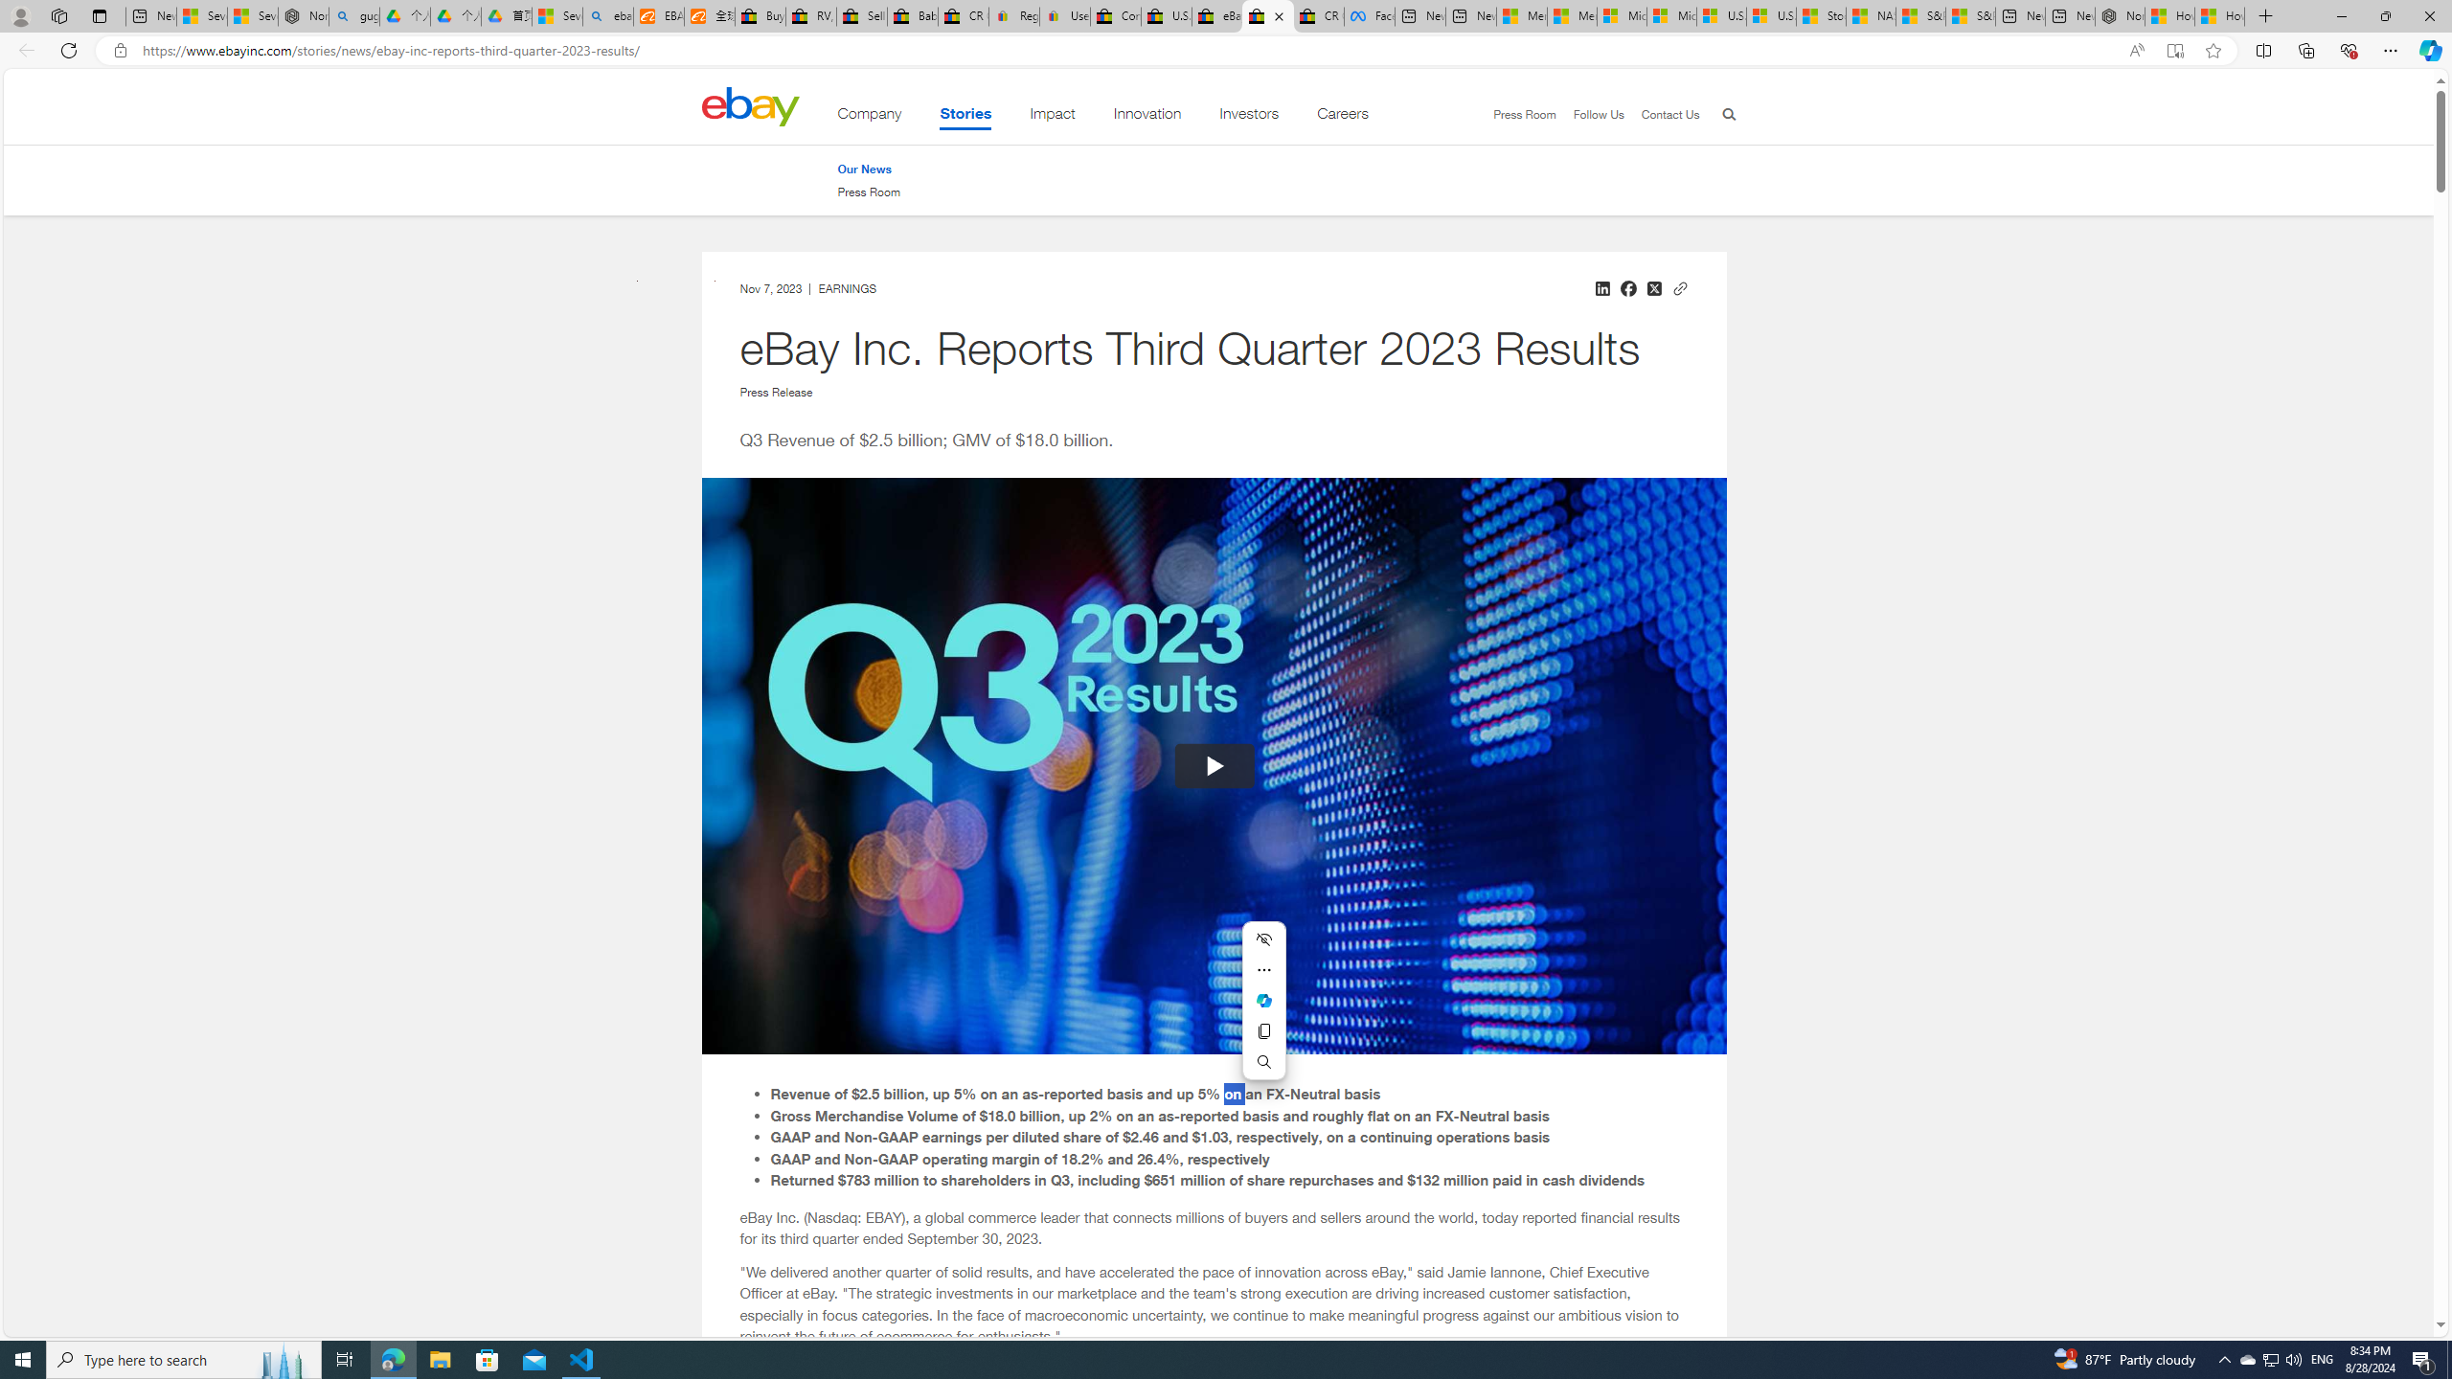 This screenshot has height=1379, width=2452. What do you see at coordinates (1342, 117) in the screenshot?
I see `'Careers'` at bounding box center [1342, 117].